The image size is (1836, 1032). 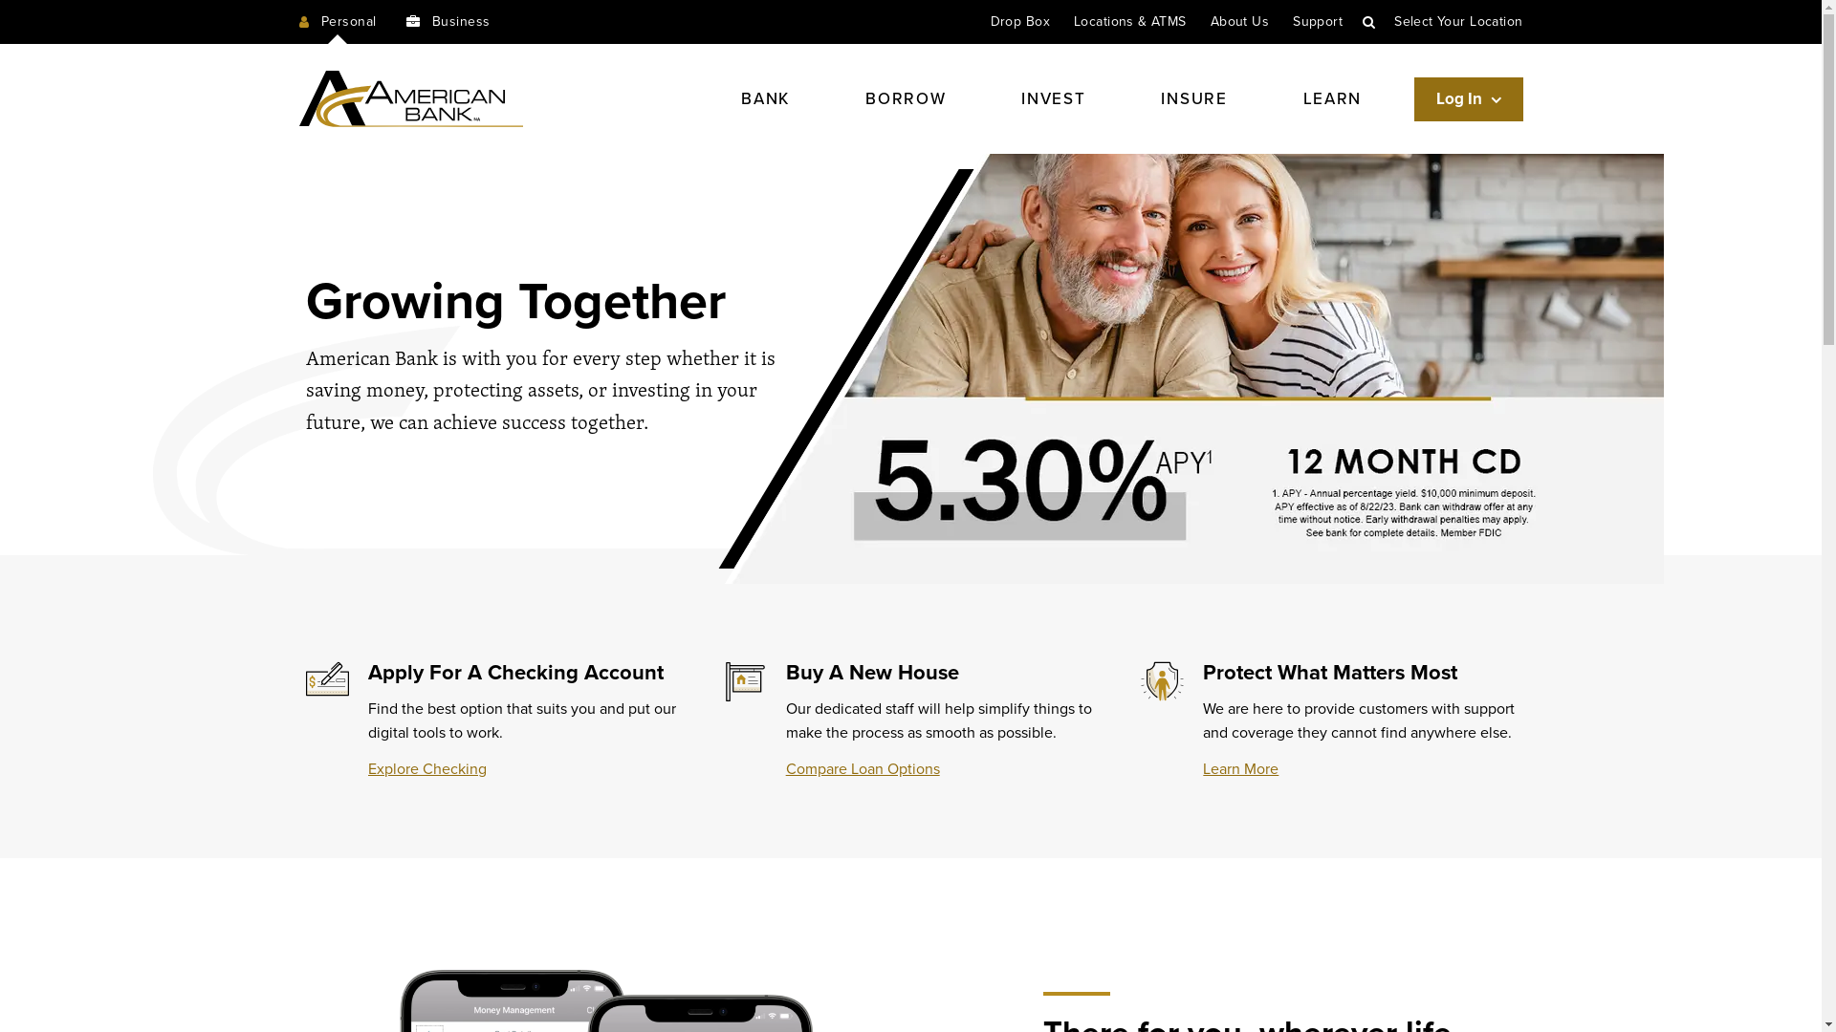 What do you see at coordinates (765, 98) in the screenshot?
I see `'BANK'` at bounding box center [765, 98].